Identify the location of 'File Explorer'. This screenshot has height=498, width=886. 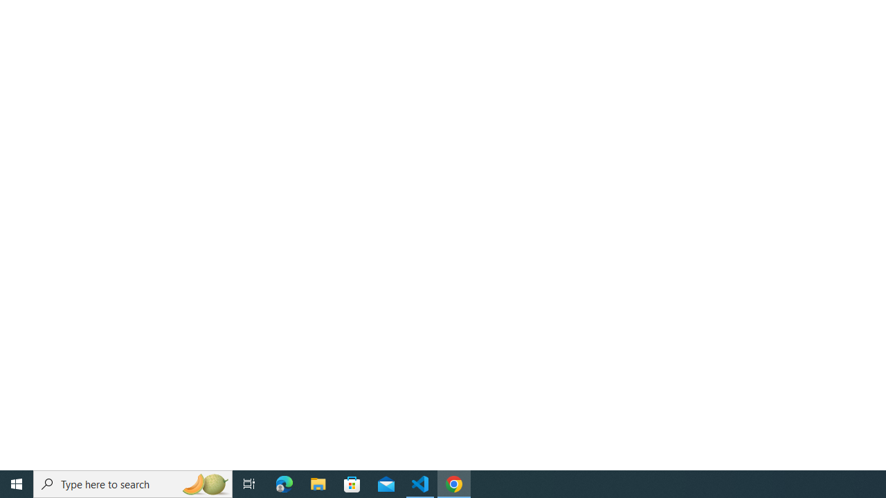
(318, 483).